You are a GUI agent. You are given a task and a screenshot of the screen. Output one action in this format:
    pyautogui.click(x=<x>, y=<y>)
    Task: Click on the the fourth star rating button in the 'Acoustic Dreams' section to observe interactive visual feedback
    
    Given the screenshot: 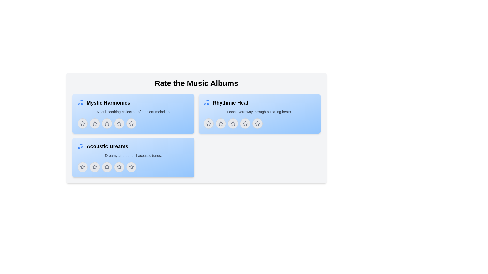 What is the action you would take?
    pyautogui.click(x=119, y=167)
    